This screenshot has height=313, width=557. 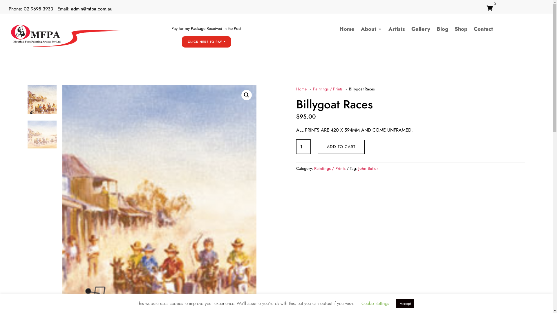 I want to click on 'About', so click(x=371, y=30).